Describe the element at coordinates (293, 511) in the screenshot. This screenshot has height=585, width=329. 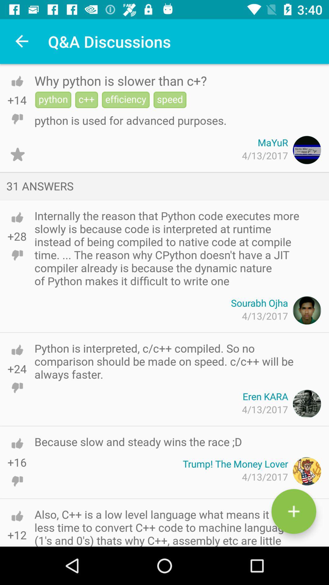
I see `the add icon` at that location.